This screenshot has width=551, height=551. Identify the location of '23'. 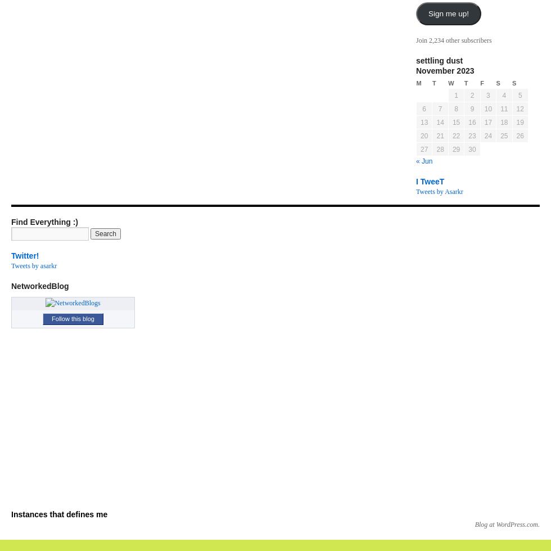
(468, 136).